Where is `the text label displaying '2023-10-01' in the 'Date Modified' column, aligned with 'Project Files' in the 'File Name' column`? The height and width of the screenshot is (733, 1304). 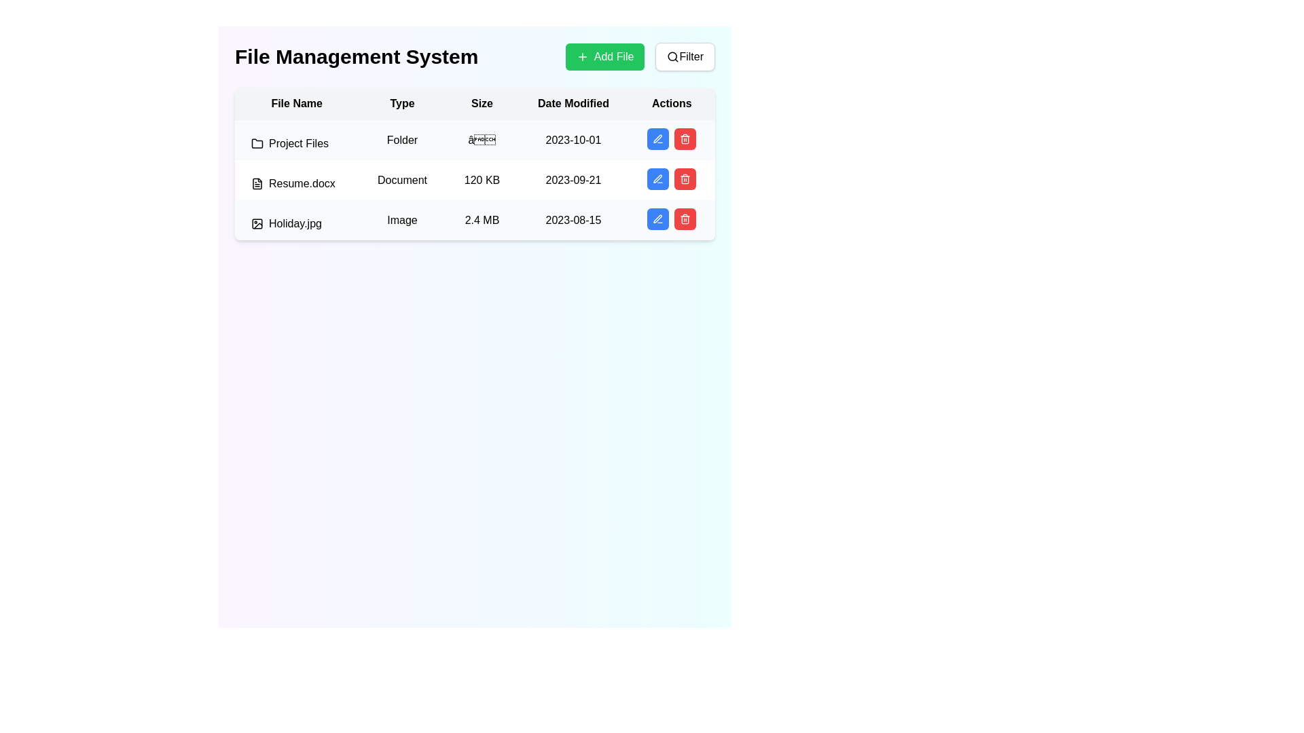 the text label displaying '2023-10-01' in the 'Date Modified' column, aligned with 'Project Files' in the 'File Name' column is located at coordinates (573, 140).